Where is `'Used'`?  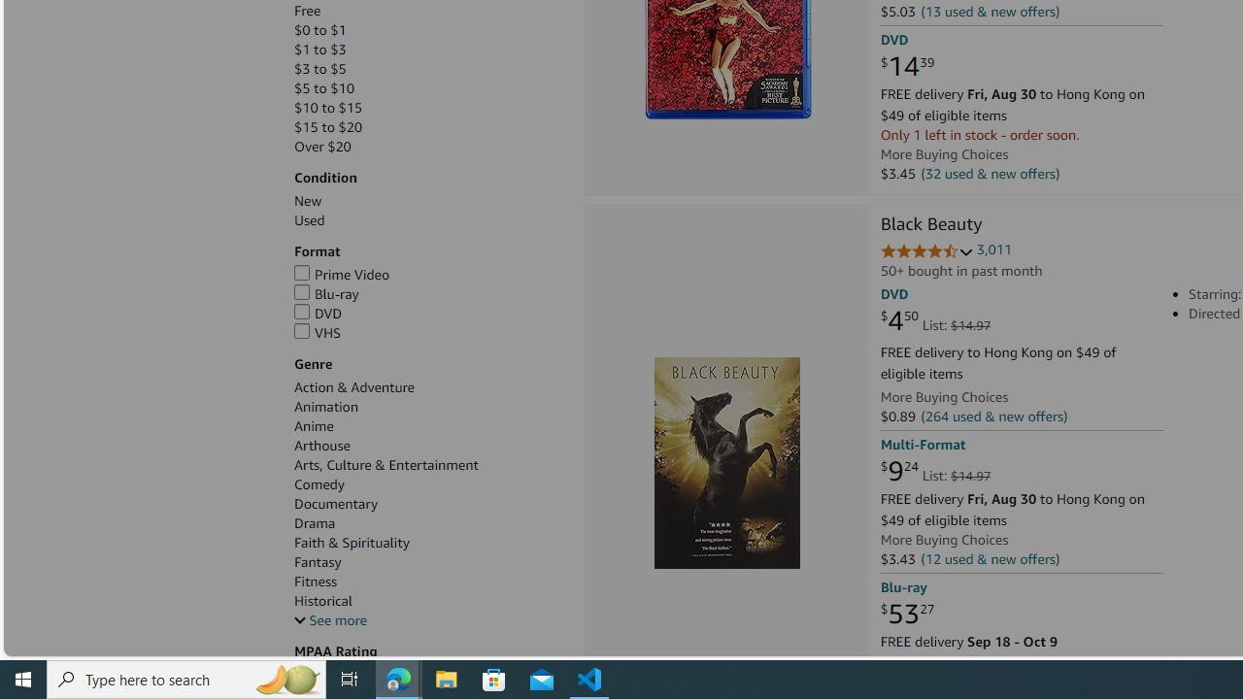 'Used' is located at coordinates (428, 219).